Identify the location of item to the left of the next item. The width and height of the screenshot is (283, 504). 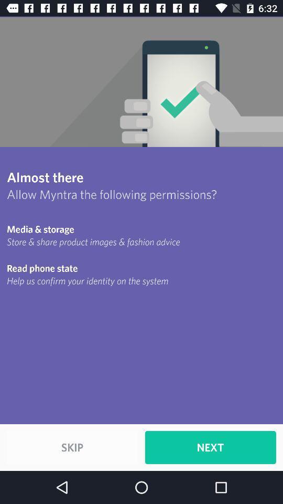
(72, 447).